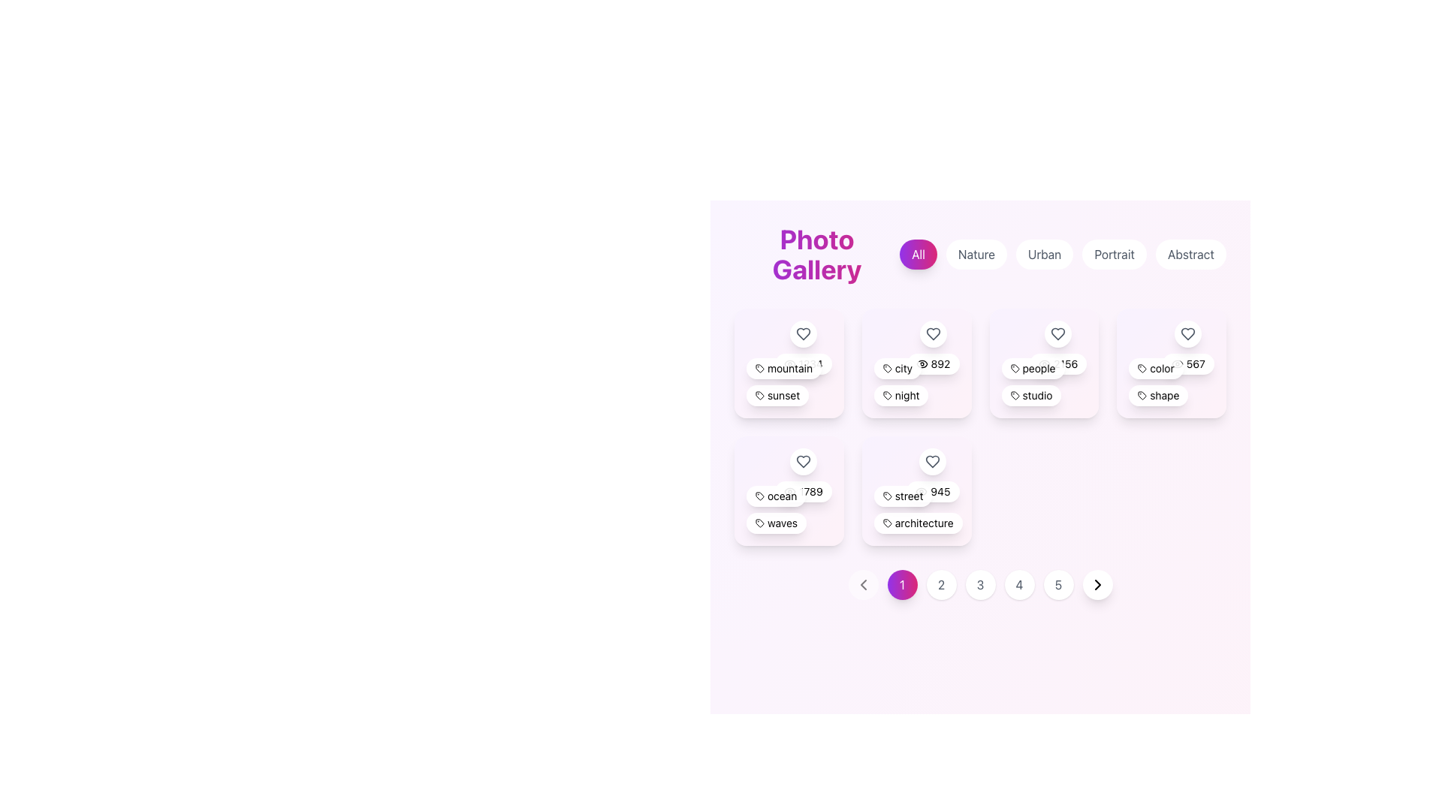  What do you see at coordinates (887, 522) in the screenshot?
I see `the architecture icon located to the left of the text 'architecture' in the lower section of the grid layout` at bounding box center [887, 522].